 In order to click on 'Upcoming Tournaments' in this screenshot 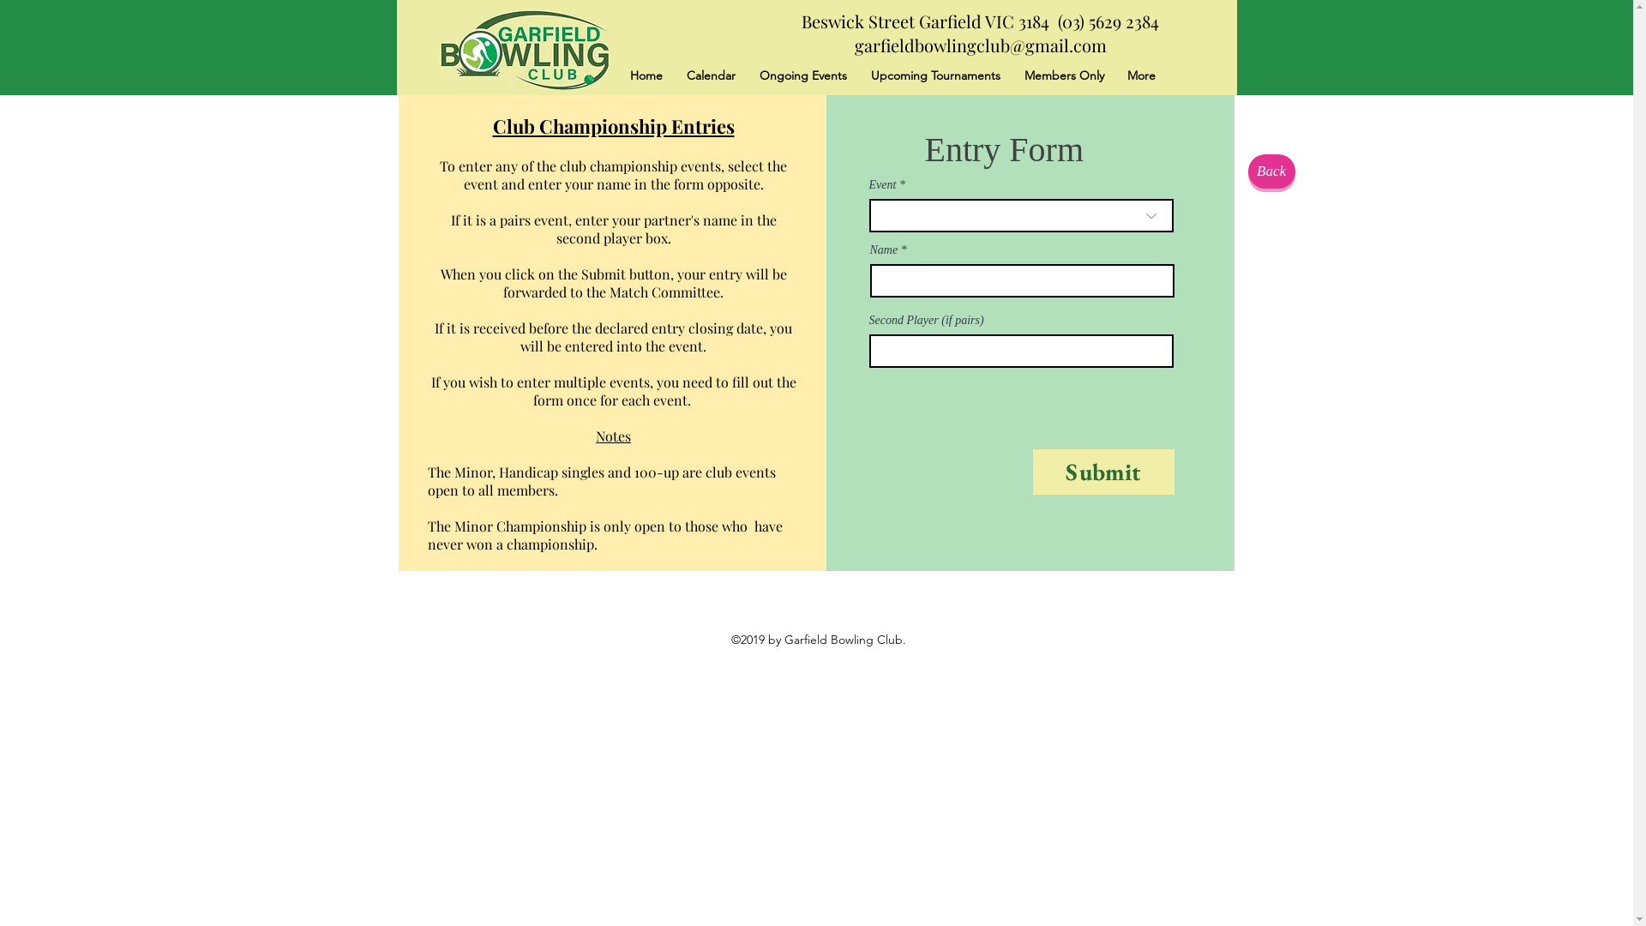, I will do `click(934, 75)`.